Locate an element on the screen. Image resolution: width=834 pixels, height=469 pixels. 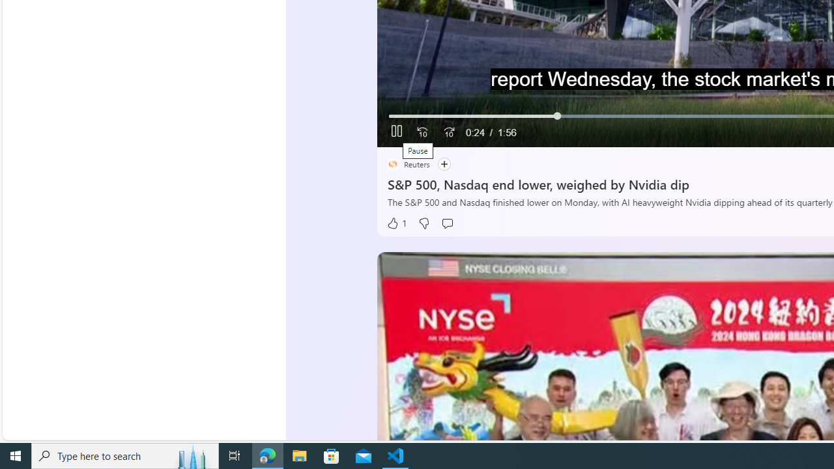
'placeholder Reuters' is located at coordinates (407, 163).